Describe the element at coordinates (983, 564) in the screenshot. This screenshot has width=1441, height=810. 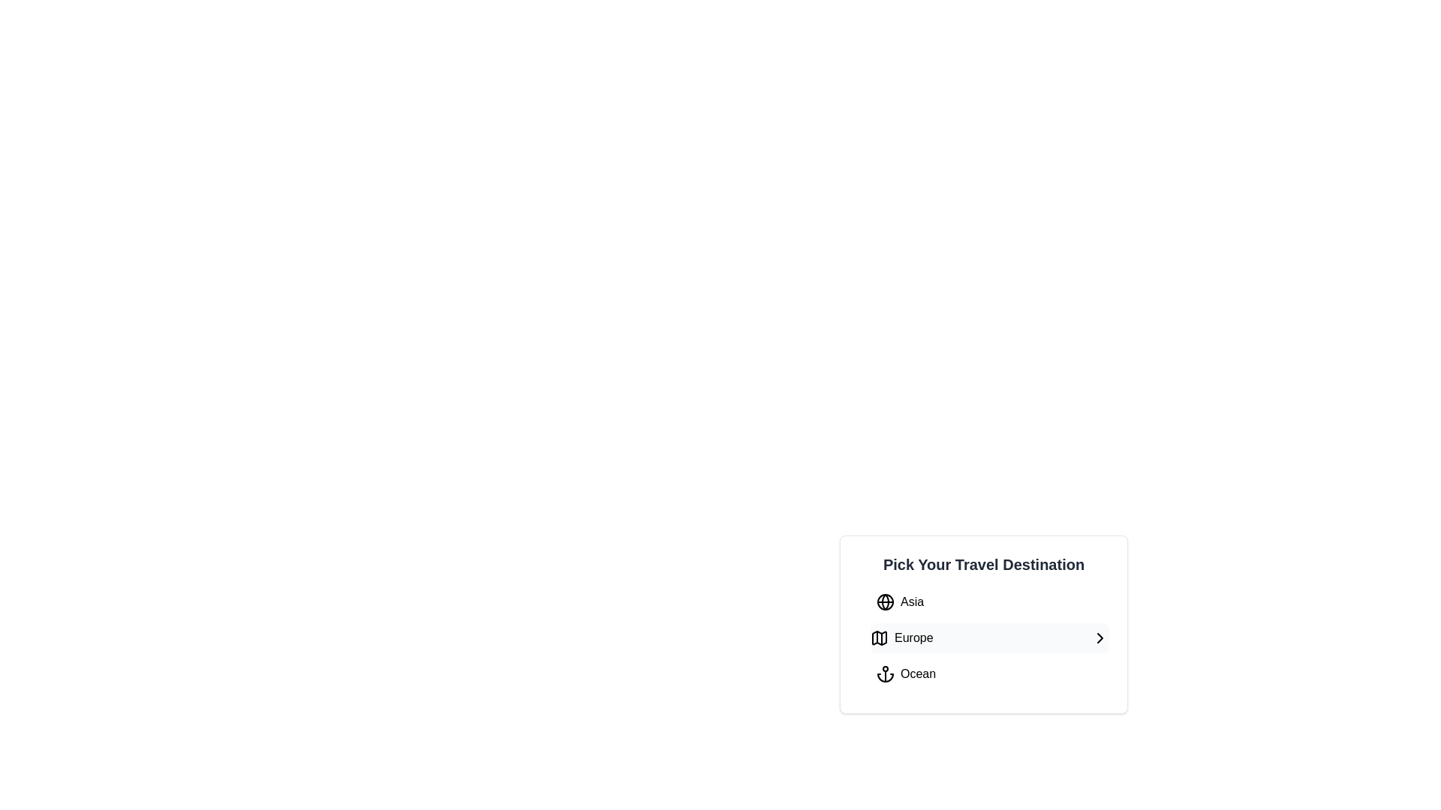
I see `the bold title text label displaying 'Pick Your Travel Destination', which is located at the top of a white rectangular card` at that location.